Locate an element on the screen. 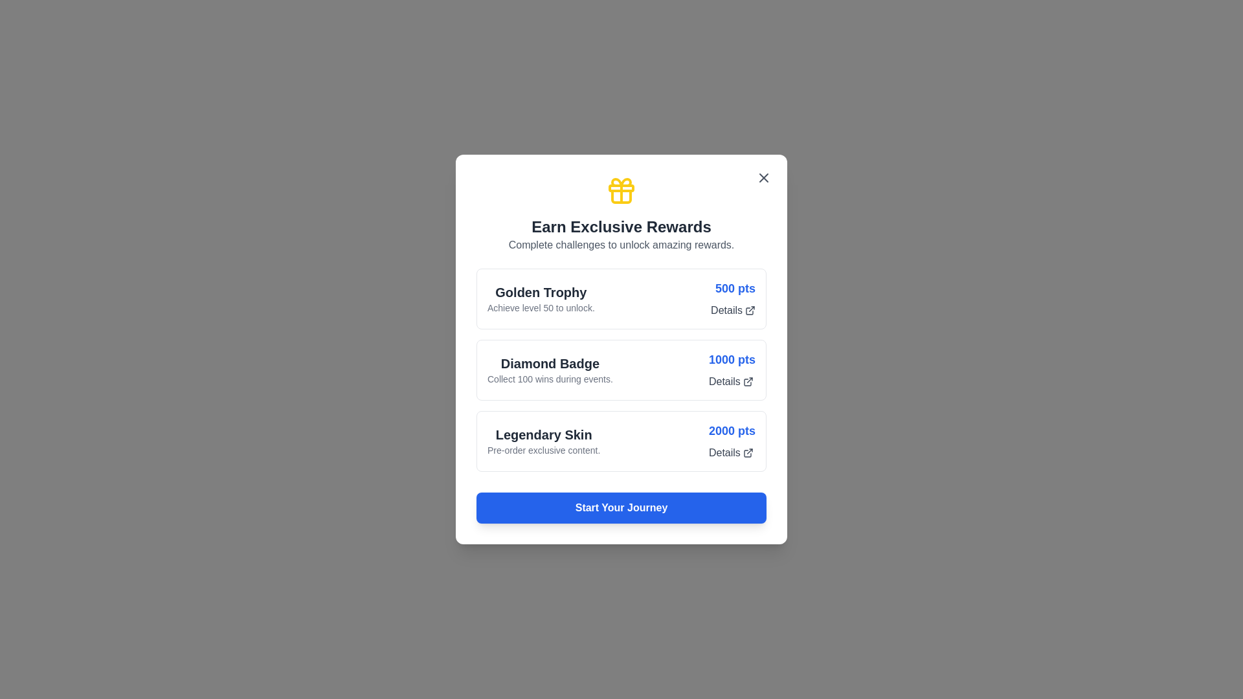 This screenshot has height=699, width=1243. the 'Details' hyperlink labeled with gray font and an underline on hover, located under the 'Diamond Badge' section is located at coordinates (731, 381).